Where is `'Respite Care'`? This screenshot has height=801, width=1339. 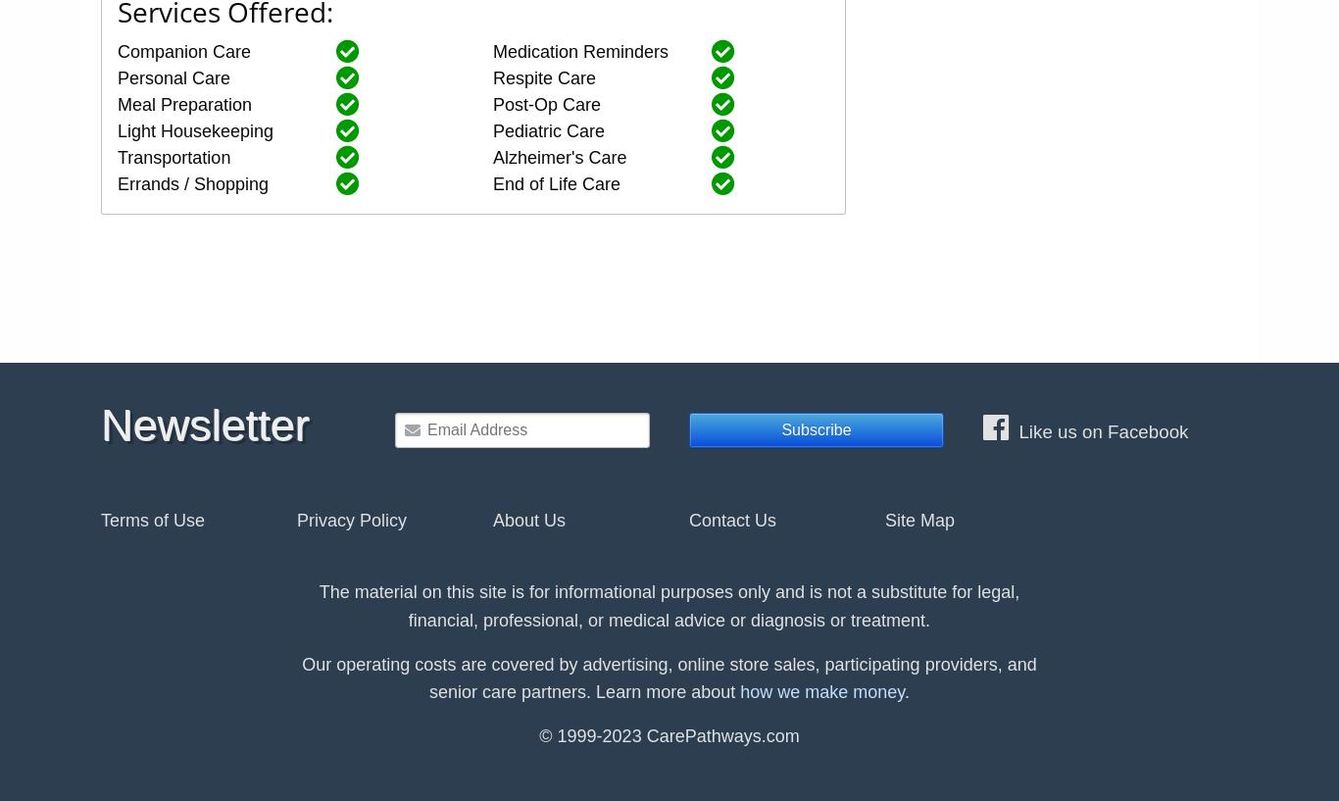
'Respite Care' is located at coordinates (544, 76).